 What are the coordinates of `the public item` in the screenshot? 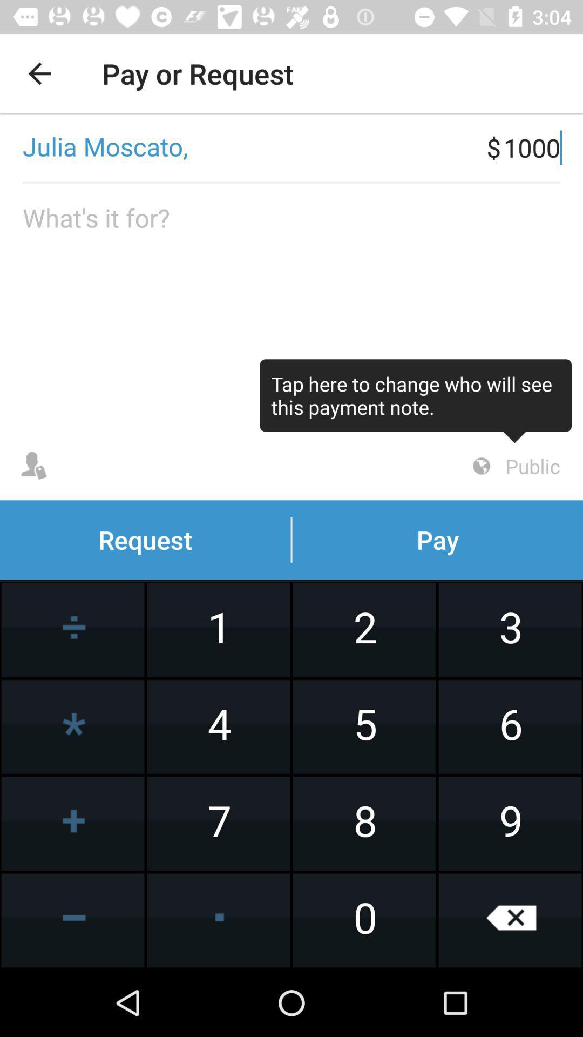 It's located at (514, 466).